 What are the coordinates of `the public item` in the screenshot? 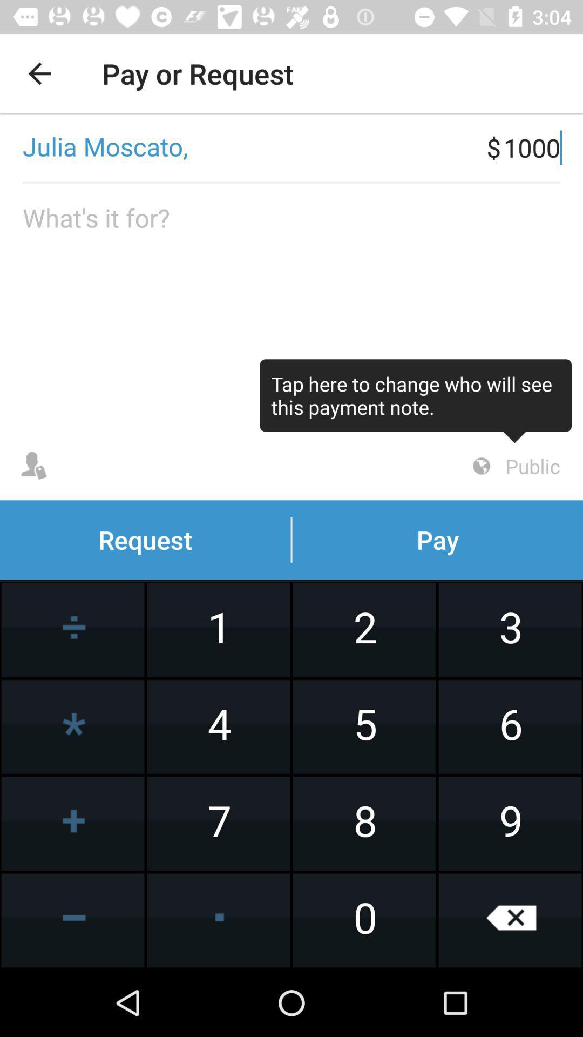 It's located at (514, 466).